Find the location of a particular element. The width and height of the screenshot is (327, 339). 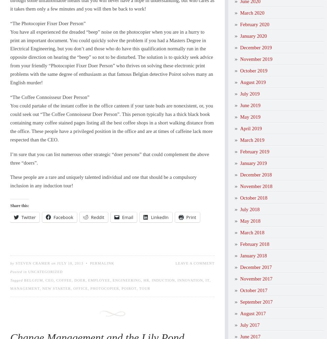

'doer' is located at coordinates (74, 280).